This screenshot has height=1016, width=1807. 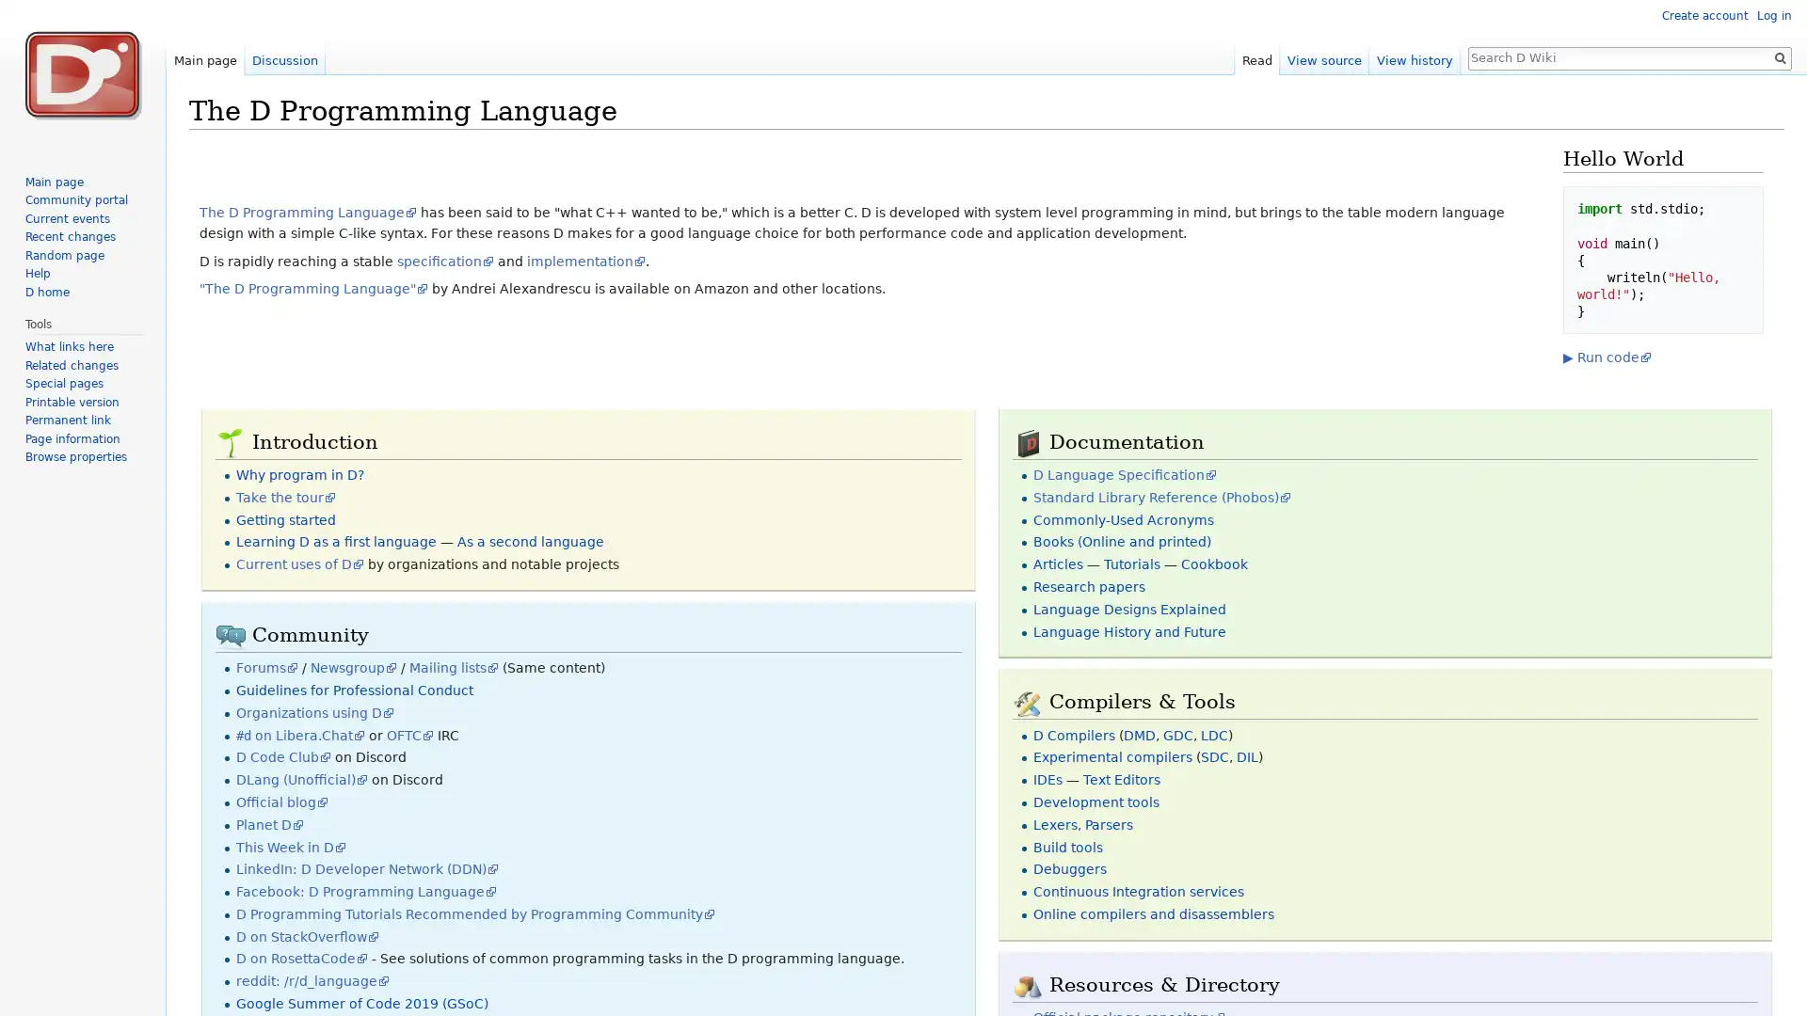 What do you see at coordinates (1779, 56) in the screenshot?
I see `Go` at bounding box center [1779, 56].